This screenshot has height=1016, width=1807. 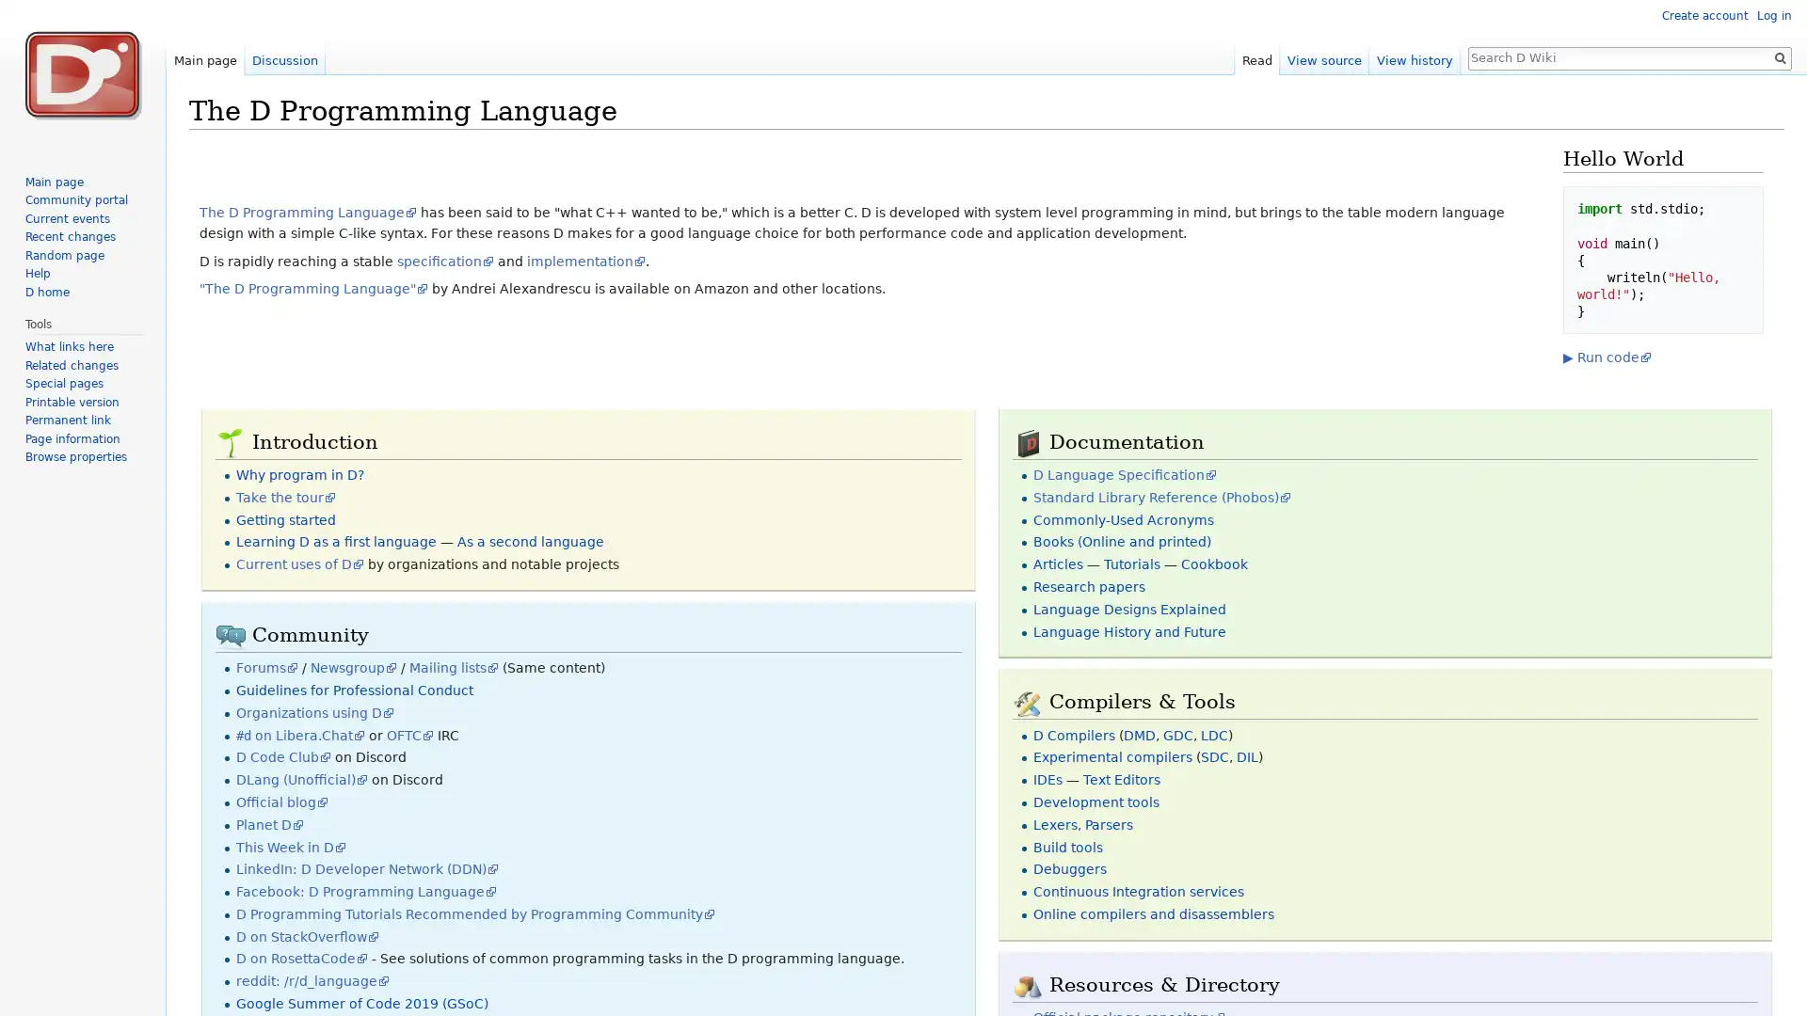 What do you see at coordinates (1779, 56) in the screenshot?
I see `Go` at bounding box center [1779, 56].